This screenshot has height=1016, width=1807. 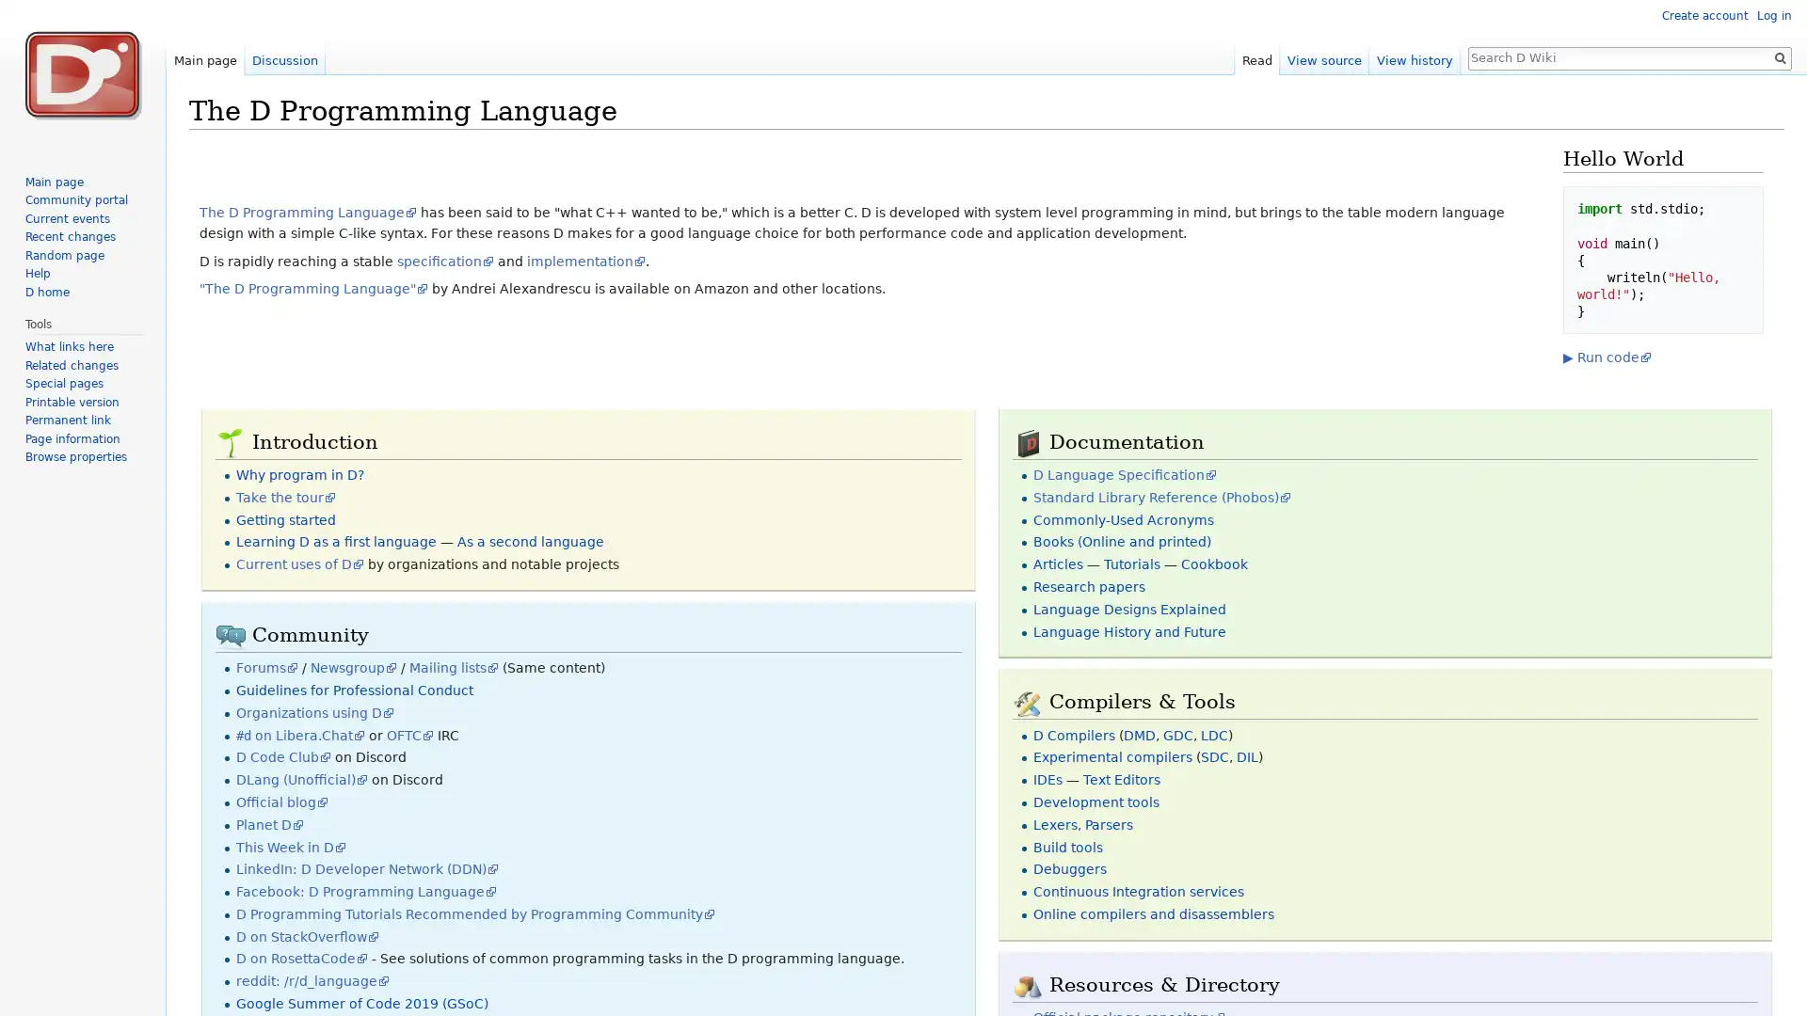 What do you see at coordinates (1779, 56) in the screenshot?
I see `Go` at bounding box center [1779, 56].